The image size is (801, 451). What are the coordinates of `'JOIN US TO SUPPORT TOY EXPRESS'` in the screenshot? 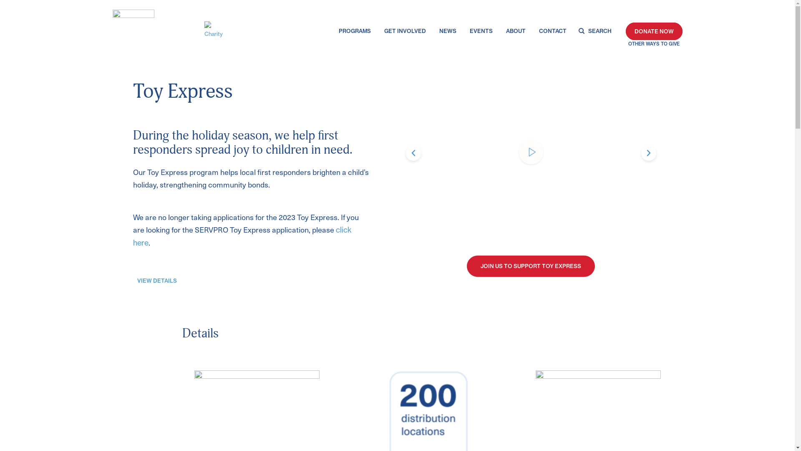 It's located at (530, 266).